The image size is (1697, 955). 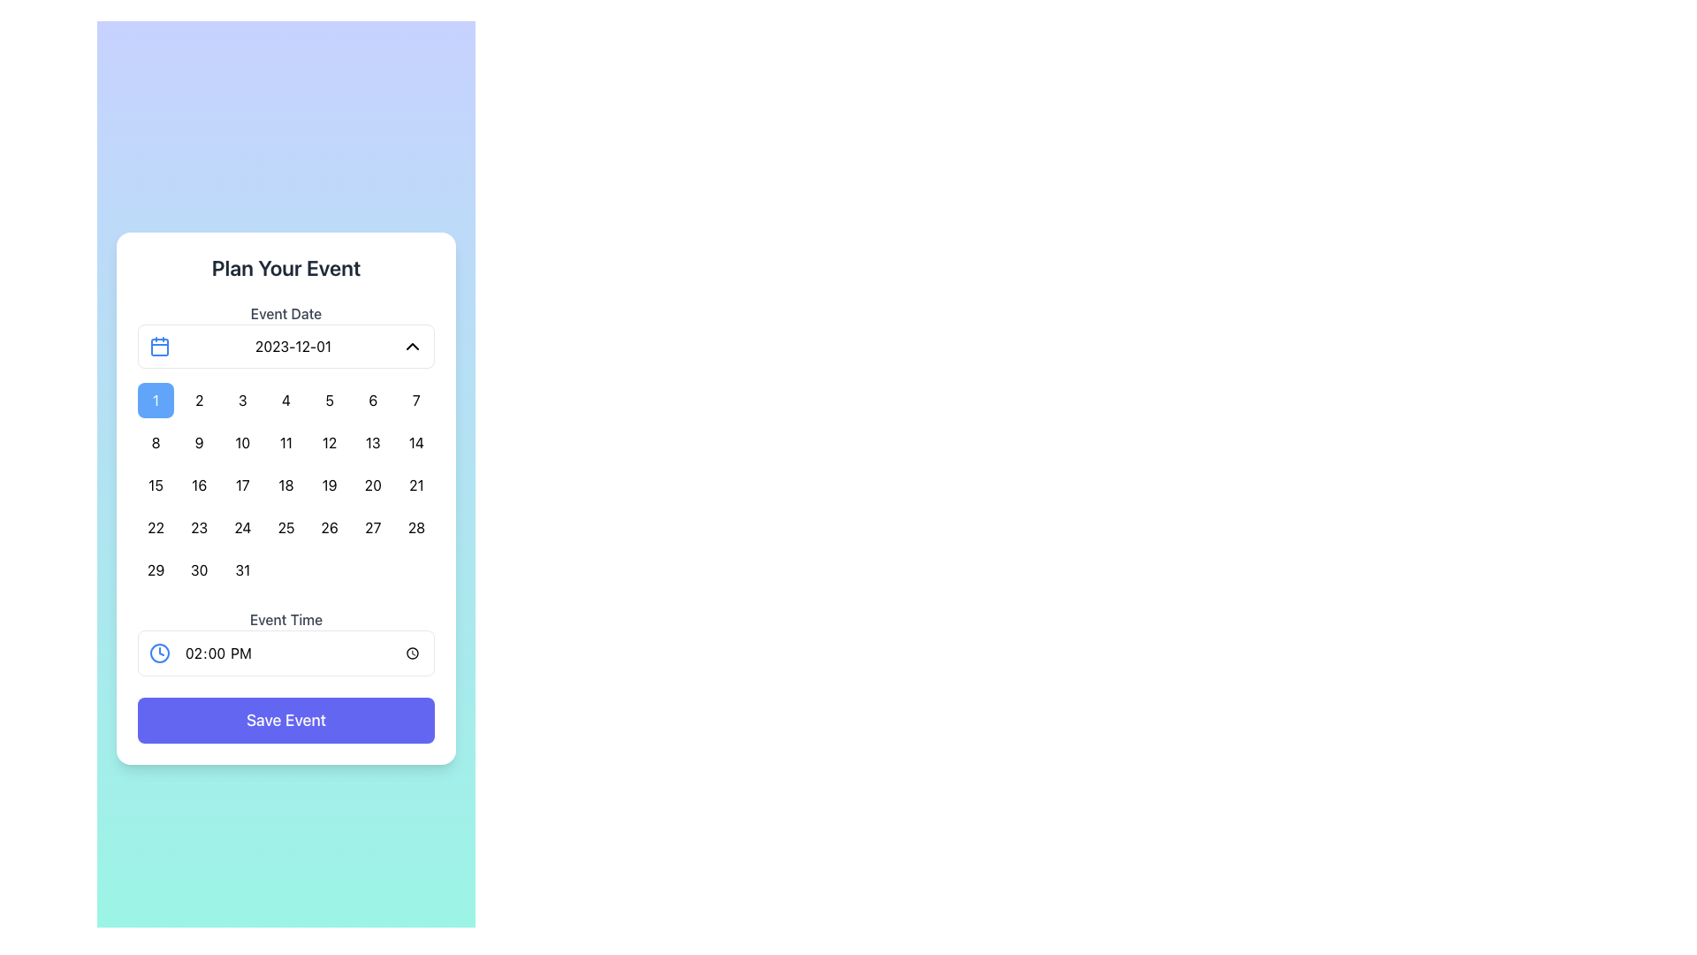 I want to click on the calendar day selector button corresponding to '22' in the first column of the fourth row in the grid layout for selecting dates in the 'Plan Your Event' card, so click(x=156, y=527).